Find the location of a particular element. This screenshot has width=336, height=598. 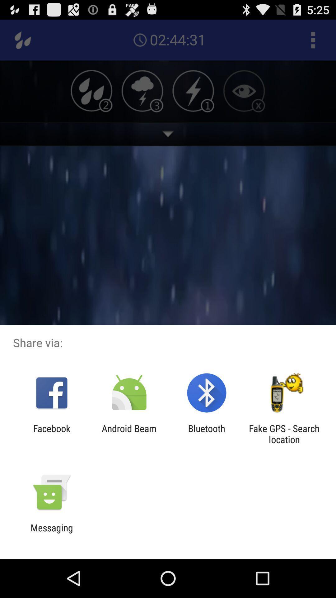

item to the left of the bluetooth app is located at coordinates (129, 434).